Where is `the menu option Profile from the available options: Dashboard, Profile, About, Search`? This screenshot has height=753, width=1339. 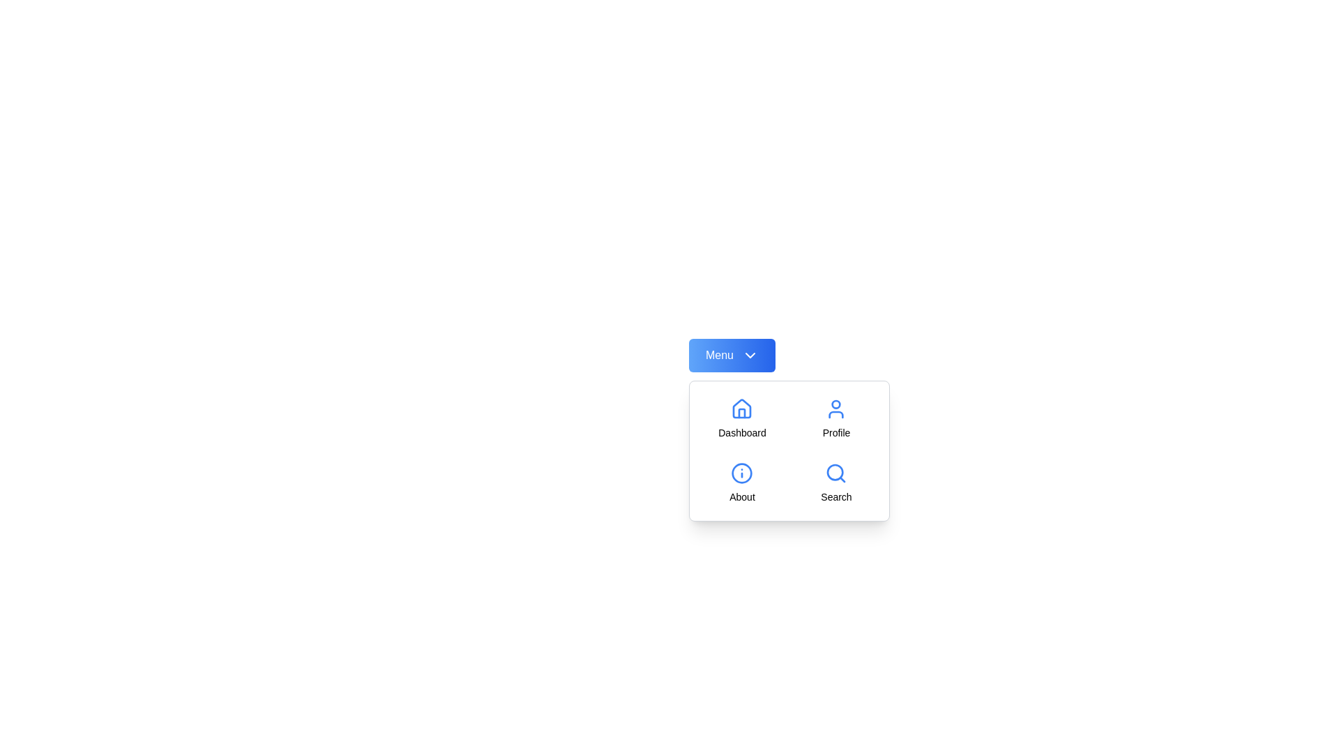
the menu option Profile from the available options: Dashboard, Profile, About, Search is located at coordinates (836, 418).